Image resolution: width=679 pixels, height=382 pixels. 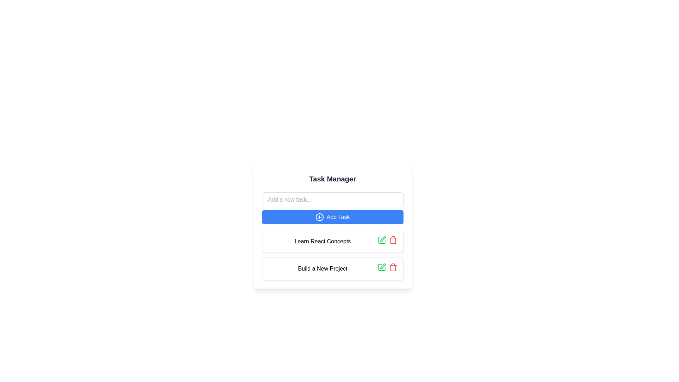 I want to click on the 'plus' icon within the 'Add Task' button to initiate adding a new task in the Task Manager interface, so click(x=319, y=216).